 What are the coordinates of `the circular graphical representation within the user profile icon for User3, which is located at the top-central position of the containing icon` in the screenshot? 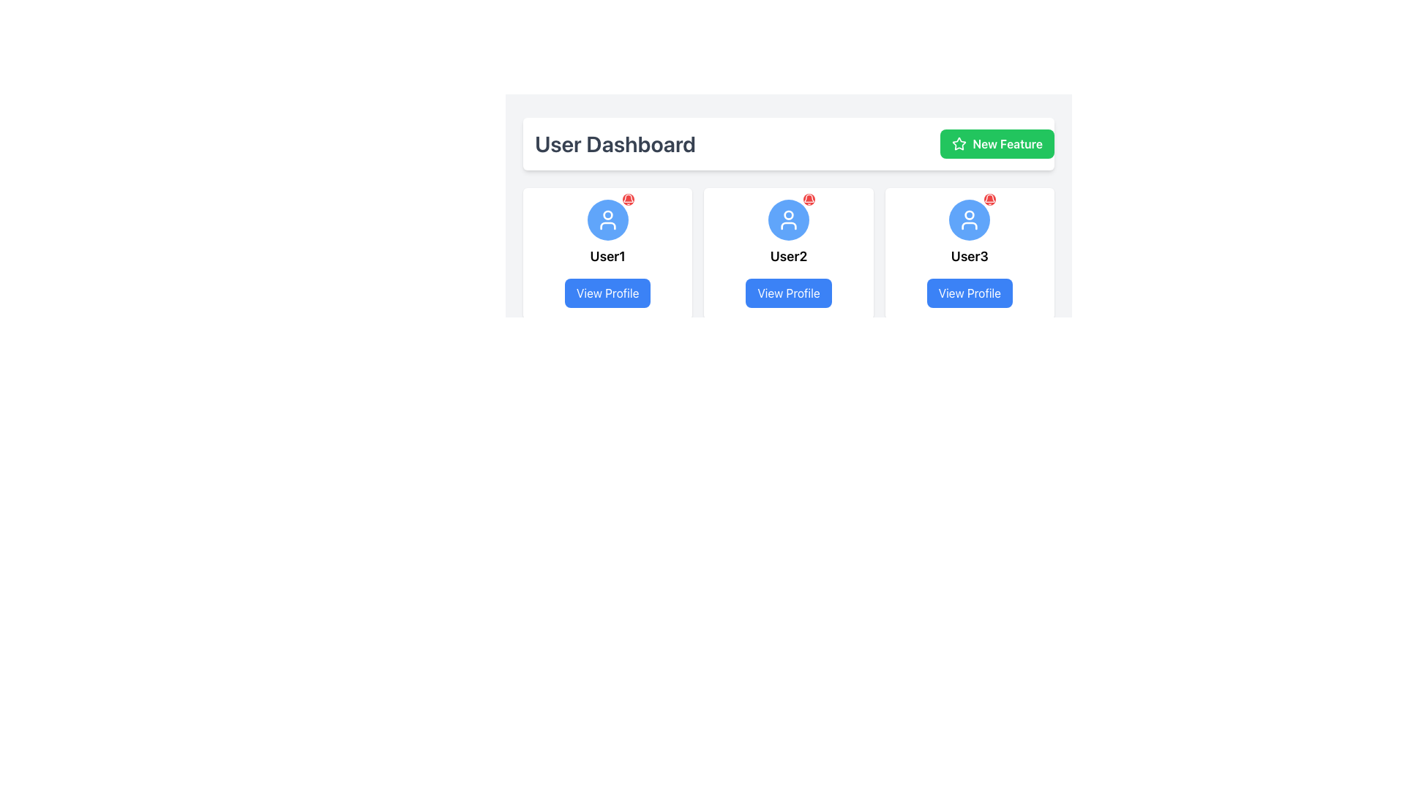 It's located at (787, 215).